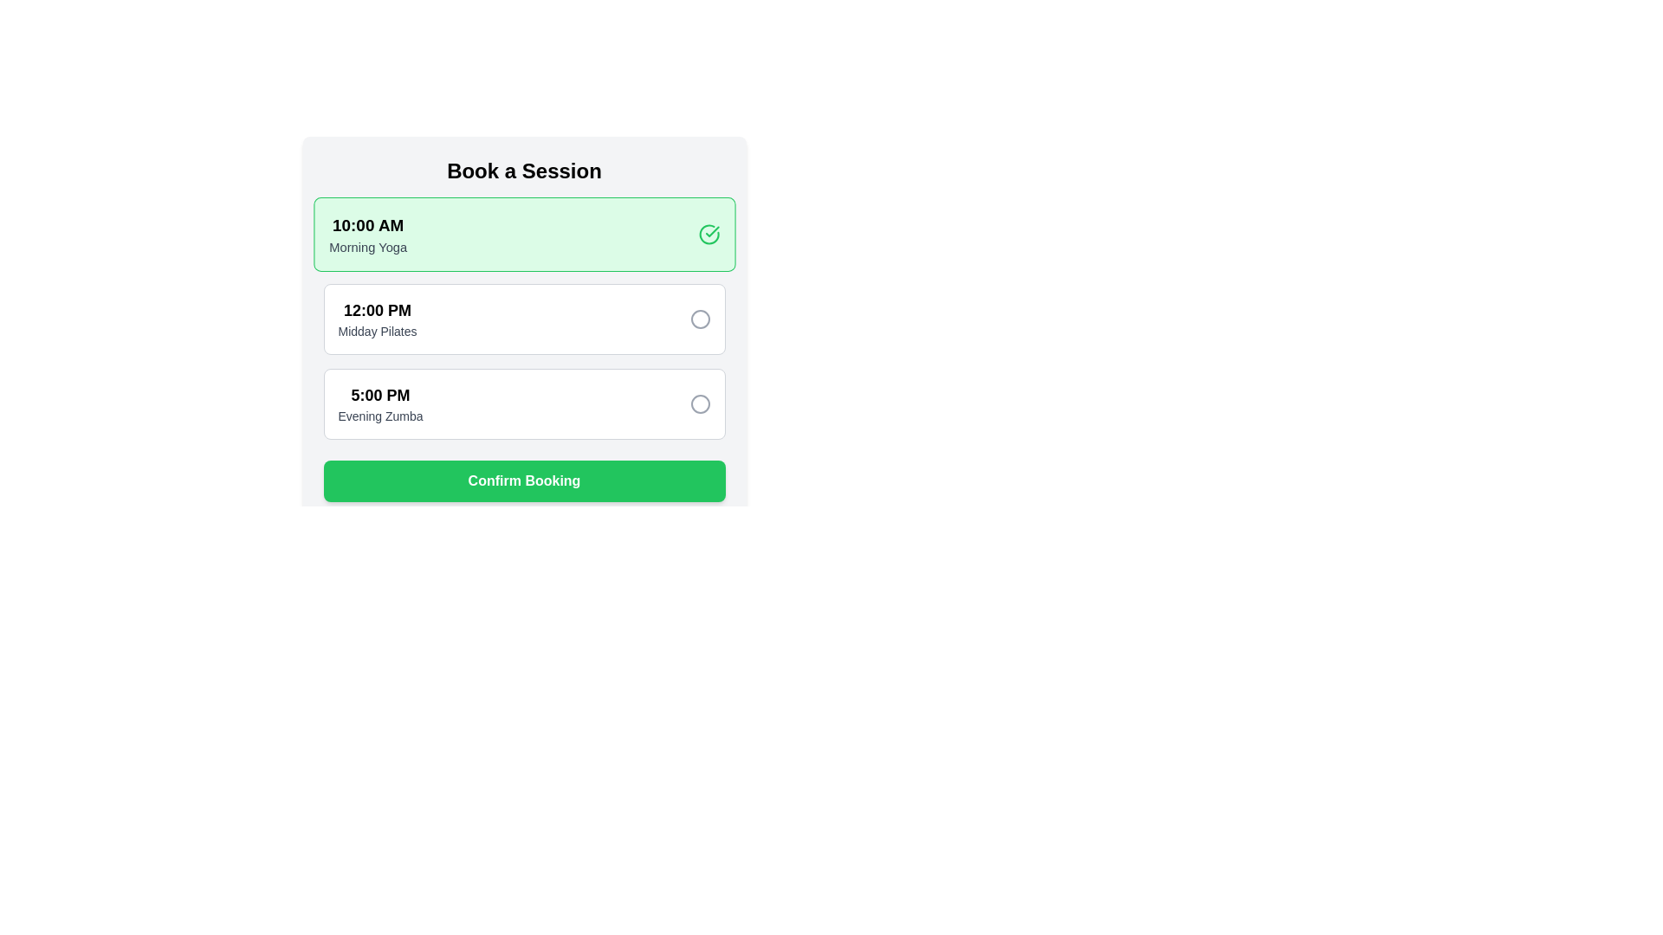 This screenshot has height=935, width=1663. I want to click on the static text label indicating the starting time of the 'Morning Yoga' session, which is located at the top-left corner of the light green highlighted time slot, so click(366, 224).